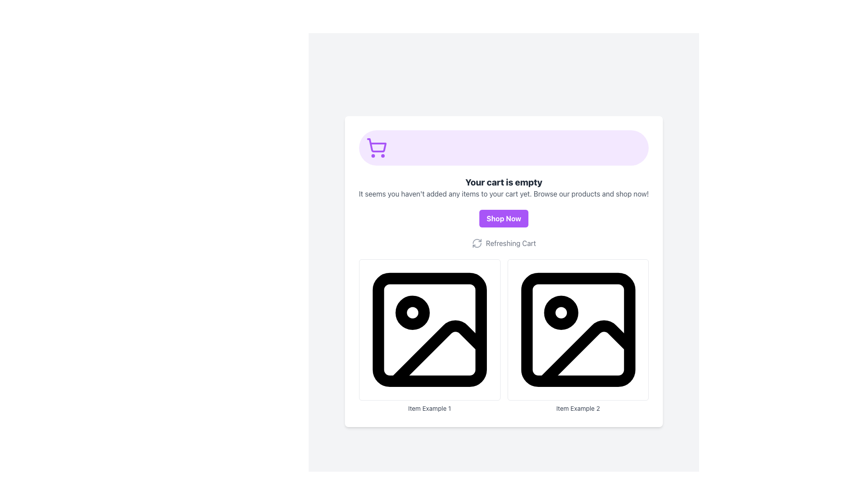 The height and width of the screenshot is (477, 849). What do you see at coordinates (504, 243) in the screenshot?
I see `the cart-refreshing composite UI component that combines an icon and text, positioned below the 'Shop Now' button and above two item examples` at bounding box center [504, 243].